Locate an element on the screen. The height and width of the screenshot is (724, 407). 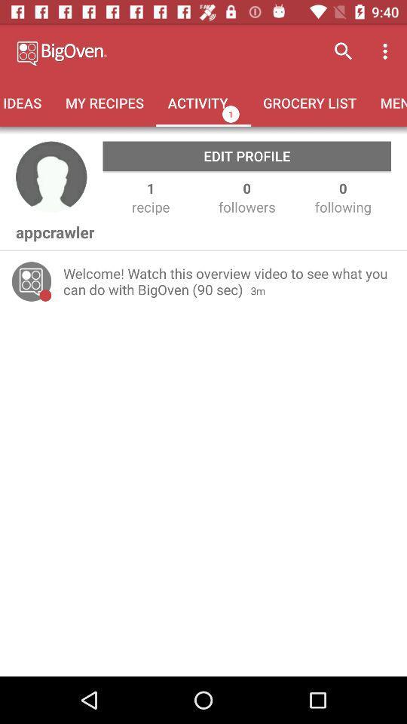
icon above the grocery list icon is located at coordinates (343, 51).